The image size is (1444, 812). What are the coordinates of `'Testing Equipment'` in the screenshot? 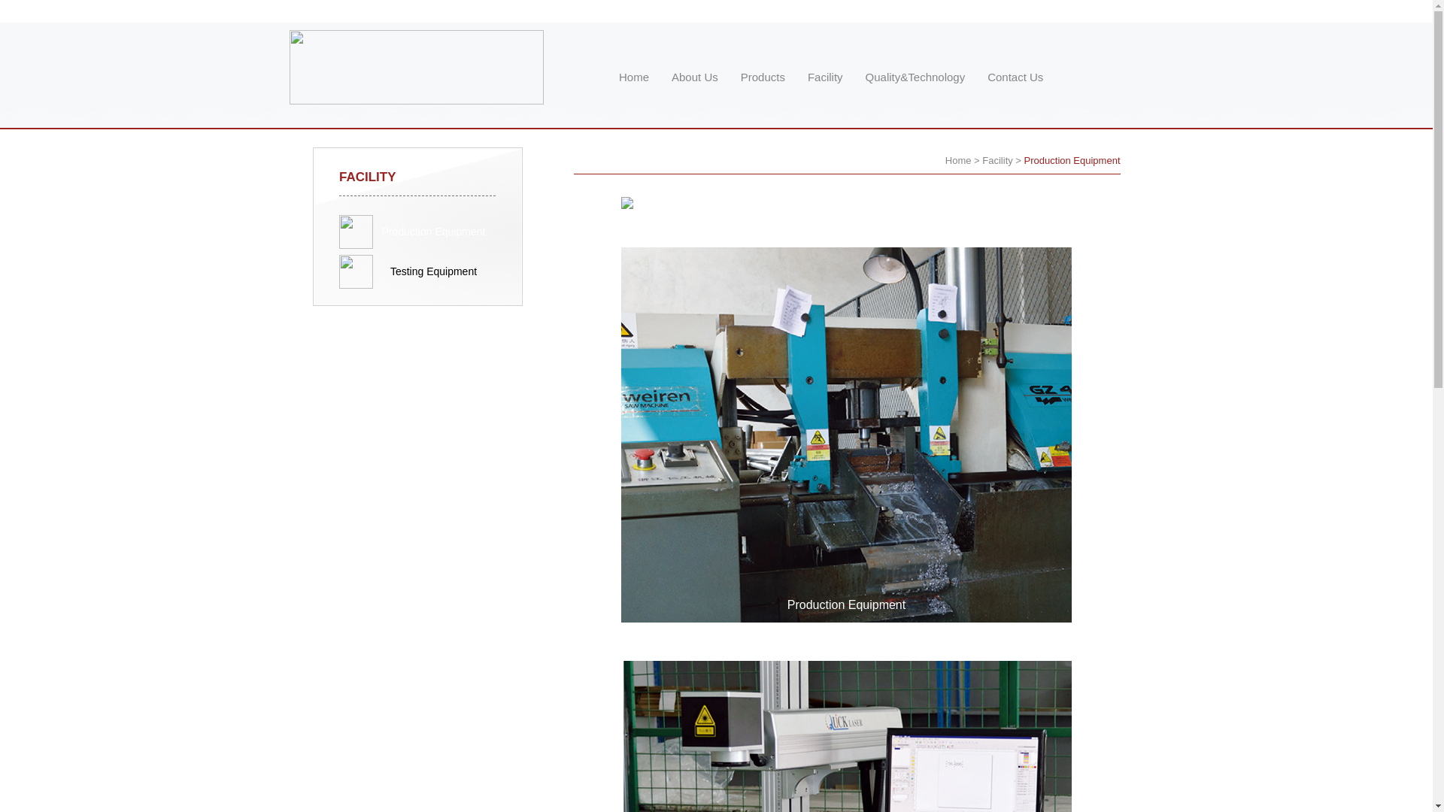 It's located at (432, 271).